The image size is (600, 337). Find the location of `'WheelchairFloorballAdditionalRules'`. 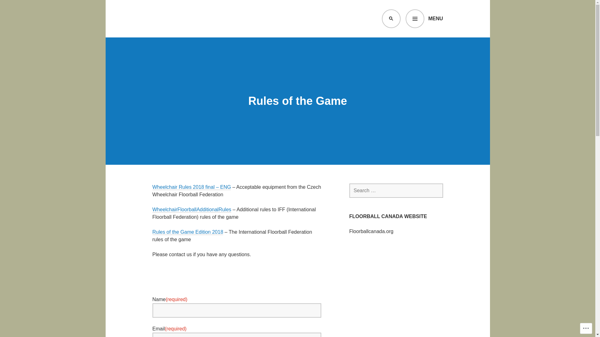

'WheelchairFloorballAdditionalRules' is located at coordinates (192, 209).